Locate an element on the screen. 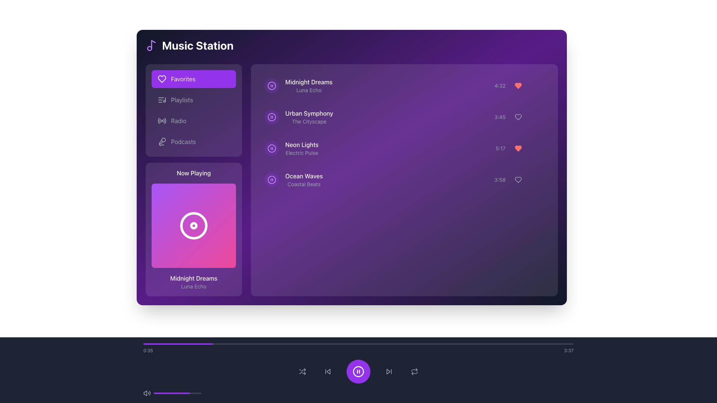 The image size is (717, 403). the circular graphical status indicator located in the right panel next to the 'Neon Lights' song entry is located at coordinates (271, 148).